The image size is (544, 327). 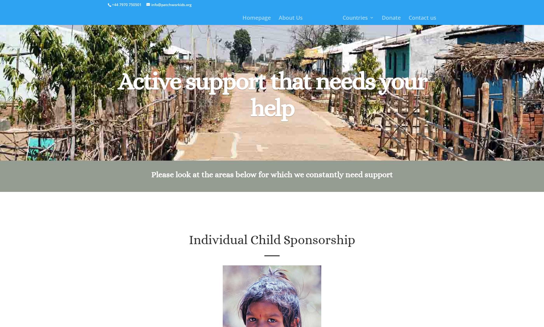 I want to click on 'India', so click(x=361, y=37).